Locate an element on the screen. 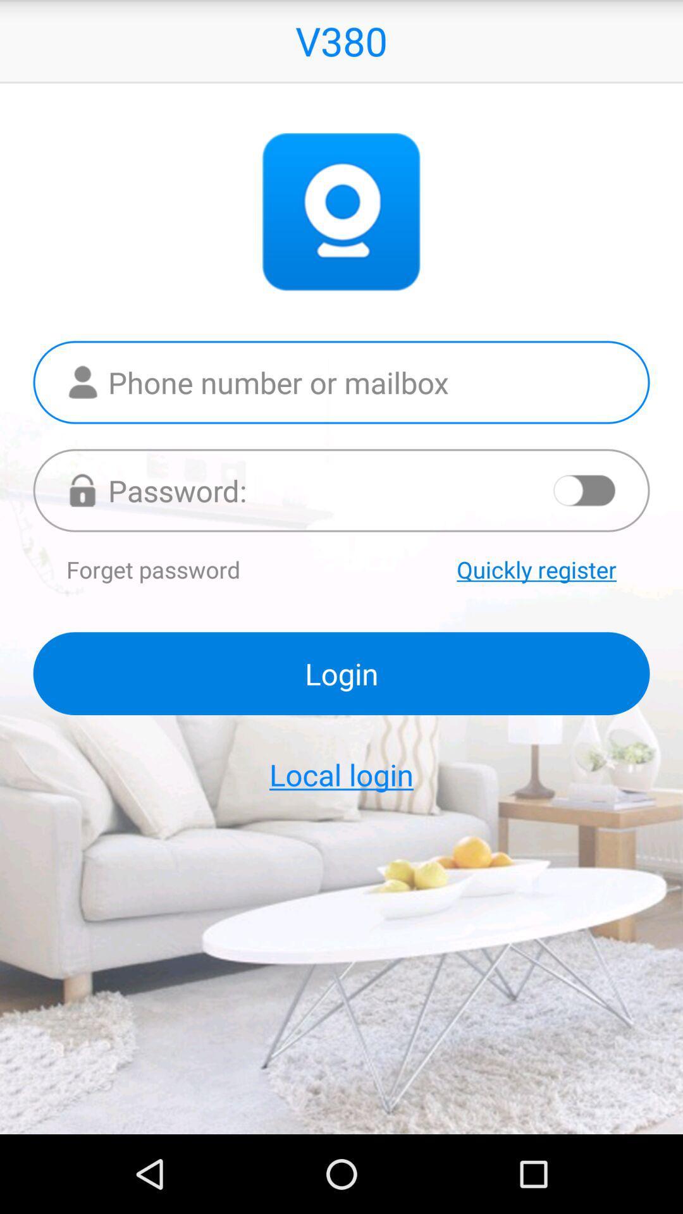  menu is located at coordinates (585, 489).